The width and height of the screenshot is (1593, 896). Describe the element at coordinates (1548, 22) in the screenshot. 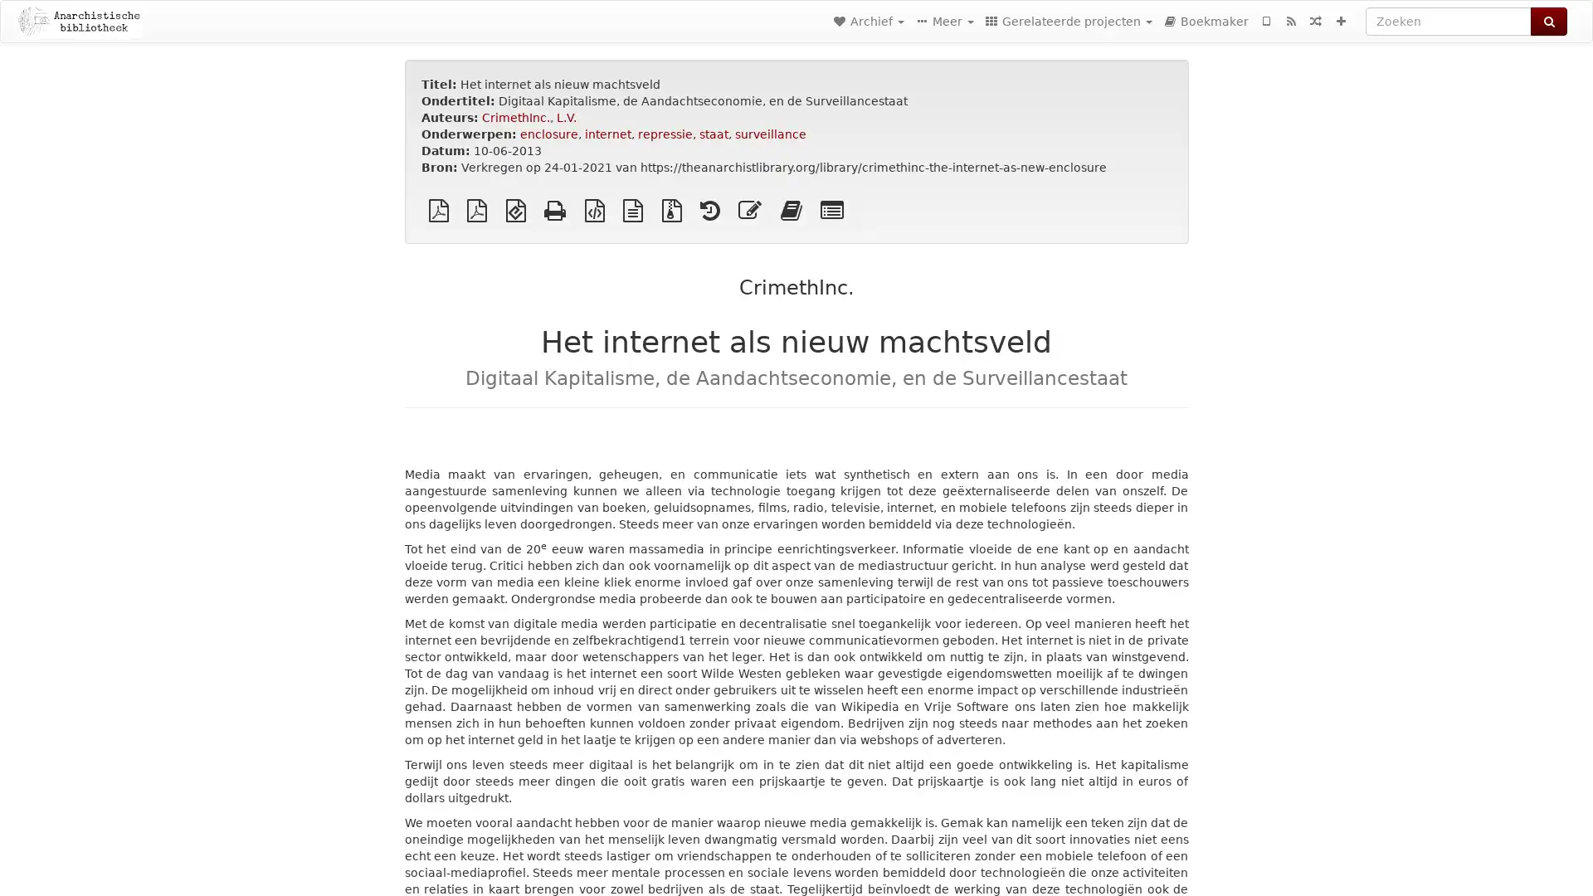

I see `Zoeken` at that location.